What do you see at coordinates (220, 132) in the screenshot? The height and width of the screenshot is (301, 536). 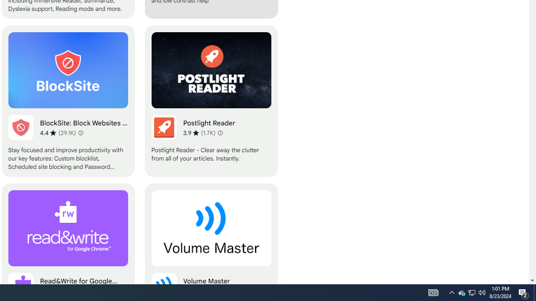 I see `'Learn more about results and reviews "Postlight Reader"'` at bounding box center [220, 132].